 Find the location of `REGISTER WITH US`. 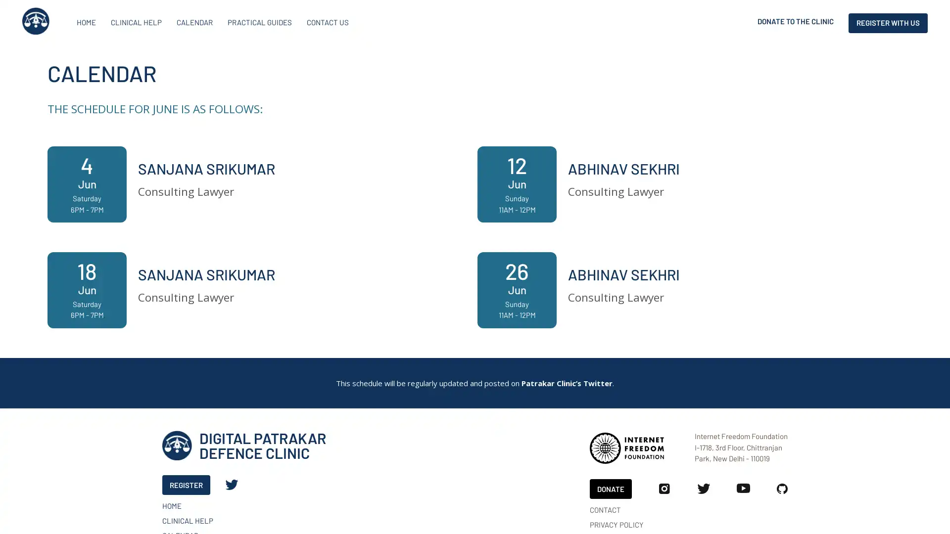

REGISTER WITH US is located at coordinates (888, 22).